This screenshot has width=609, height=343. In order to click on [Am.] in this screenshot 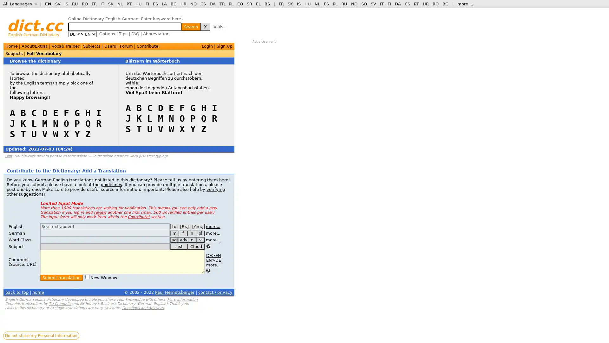, I will do `click(197, 226)`.